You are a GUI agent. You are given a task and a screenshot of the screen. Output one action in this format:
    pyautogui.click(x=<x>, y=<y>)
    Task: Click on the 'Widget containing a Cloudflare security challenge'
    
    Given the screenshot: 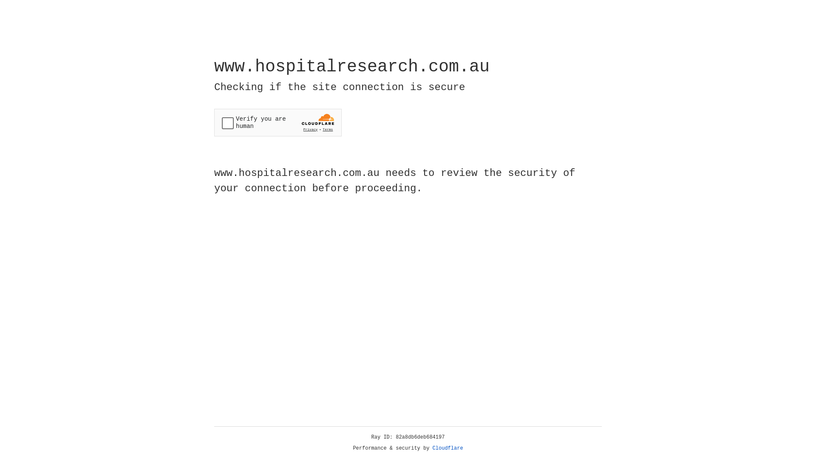 What is the action you would take?
    pyautogui.click(x=278, y=122)
    